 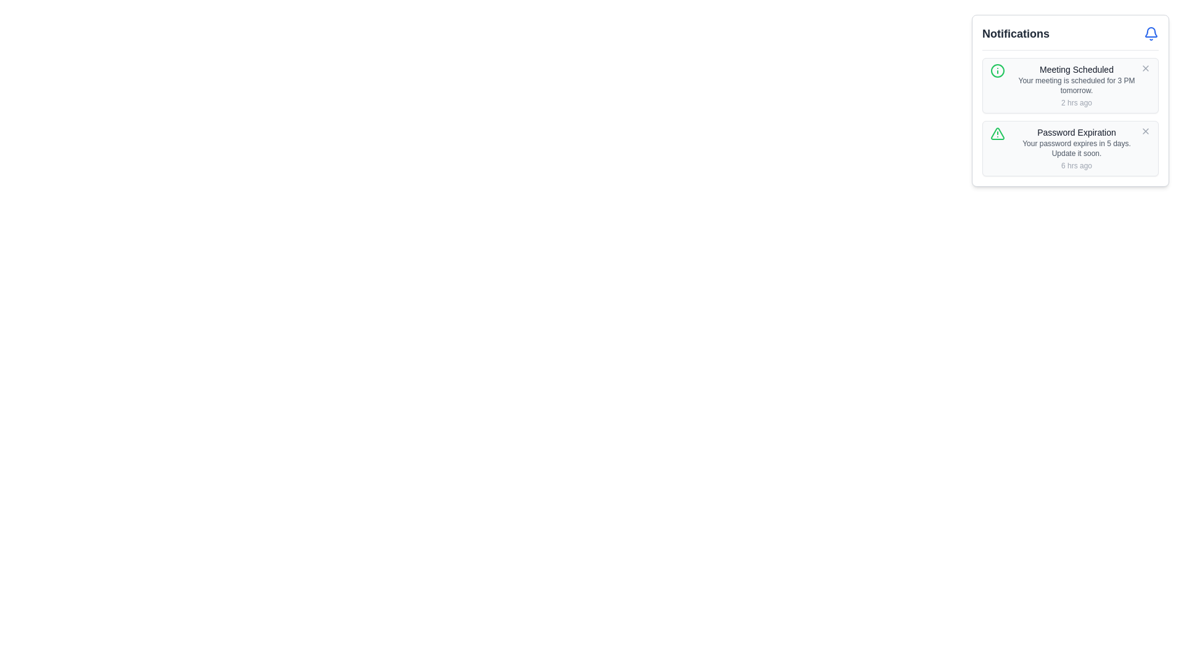 I want to click on text label located beneath the title 'Meeting Scheduled' in the notification section to gather information about the scheduled meeting time, so click(x=1076, y=84).